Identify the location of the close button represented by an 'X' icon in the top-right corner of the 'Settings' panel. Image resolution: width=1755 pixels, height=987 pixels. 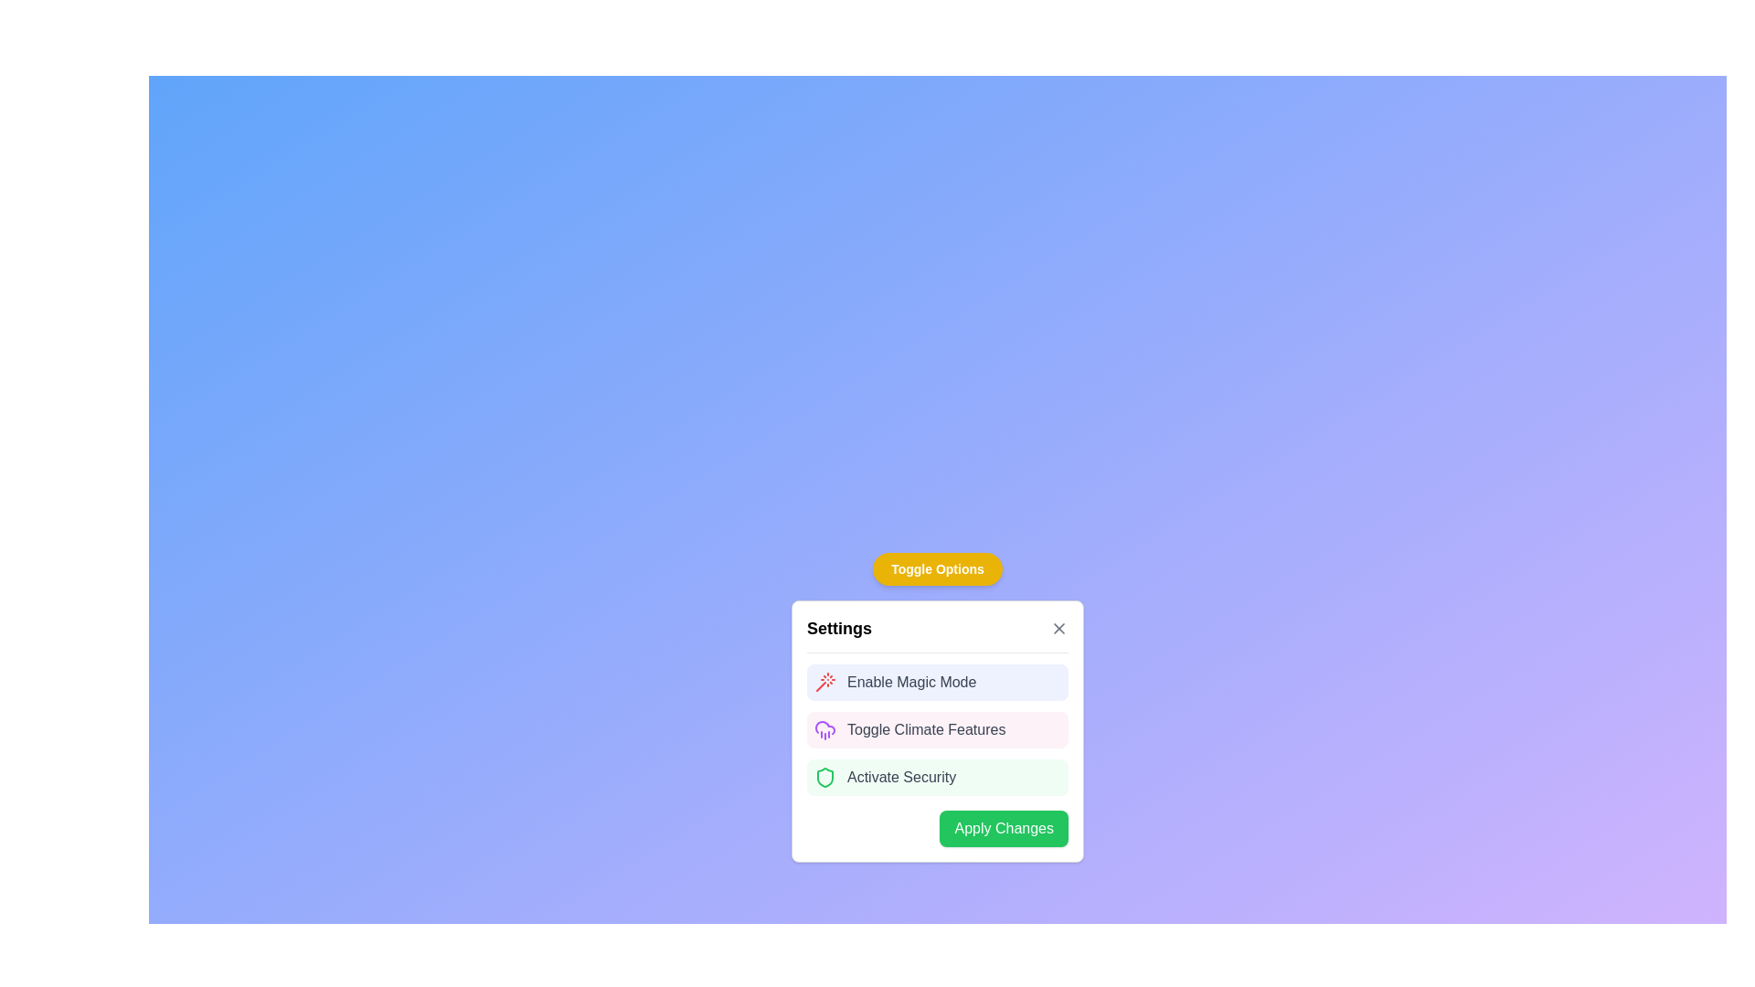
(1058, 627).